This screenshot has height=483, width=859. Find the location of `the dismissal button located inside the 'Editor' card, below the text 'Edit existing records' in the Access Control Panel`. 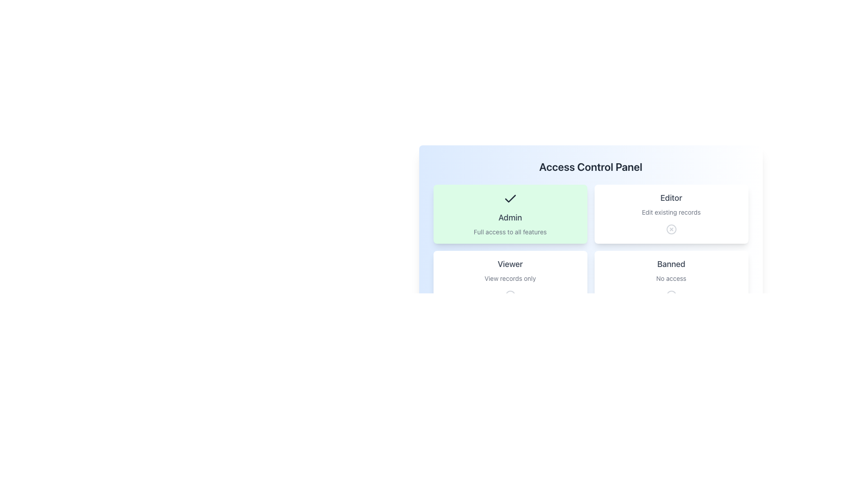

the dismissal button located inside the 'Editor' card, below the text 'Edit existing records' in the Access Control Panel is located at coordinates (671, 229).